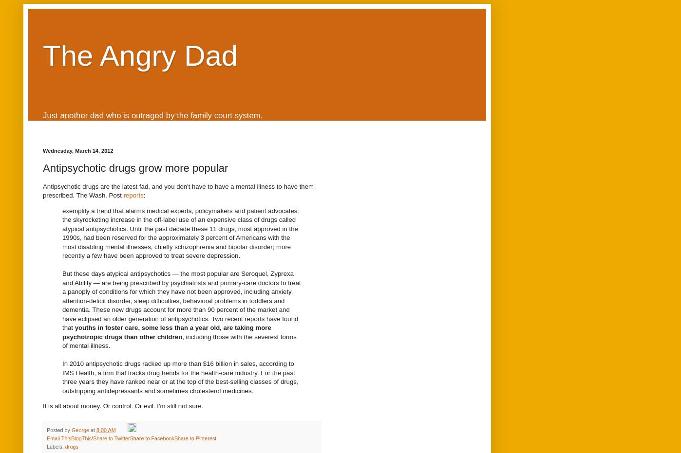 This screenshot has height=453, width=681. I want to click on ':', so click(144, 195).